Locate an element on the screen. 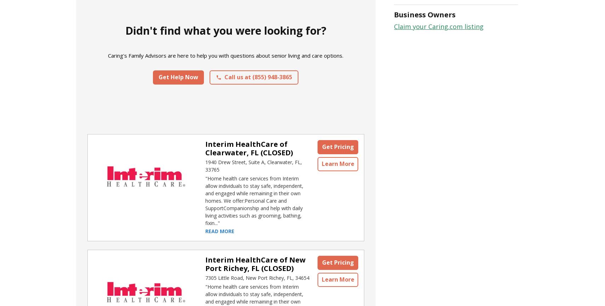 The width and height of the screenshot is (605, 306). 'Claim your Caring.com listing' is located at coordinates (439, 26).